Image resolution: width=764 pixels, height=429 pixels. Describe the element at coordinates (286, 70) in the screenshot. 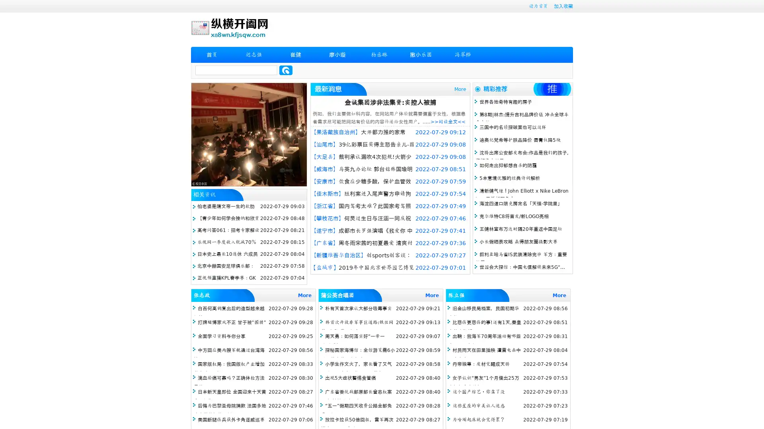

I see `Search` at that location.